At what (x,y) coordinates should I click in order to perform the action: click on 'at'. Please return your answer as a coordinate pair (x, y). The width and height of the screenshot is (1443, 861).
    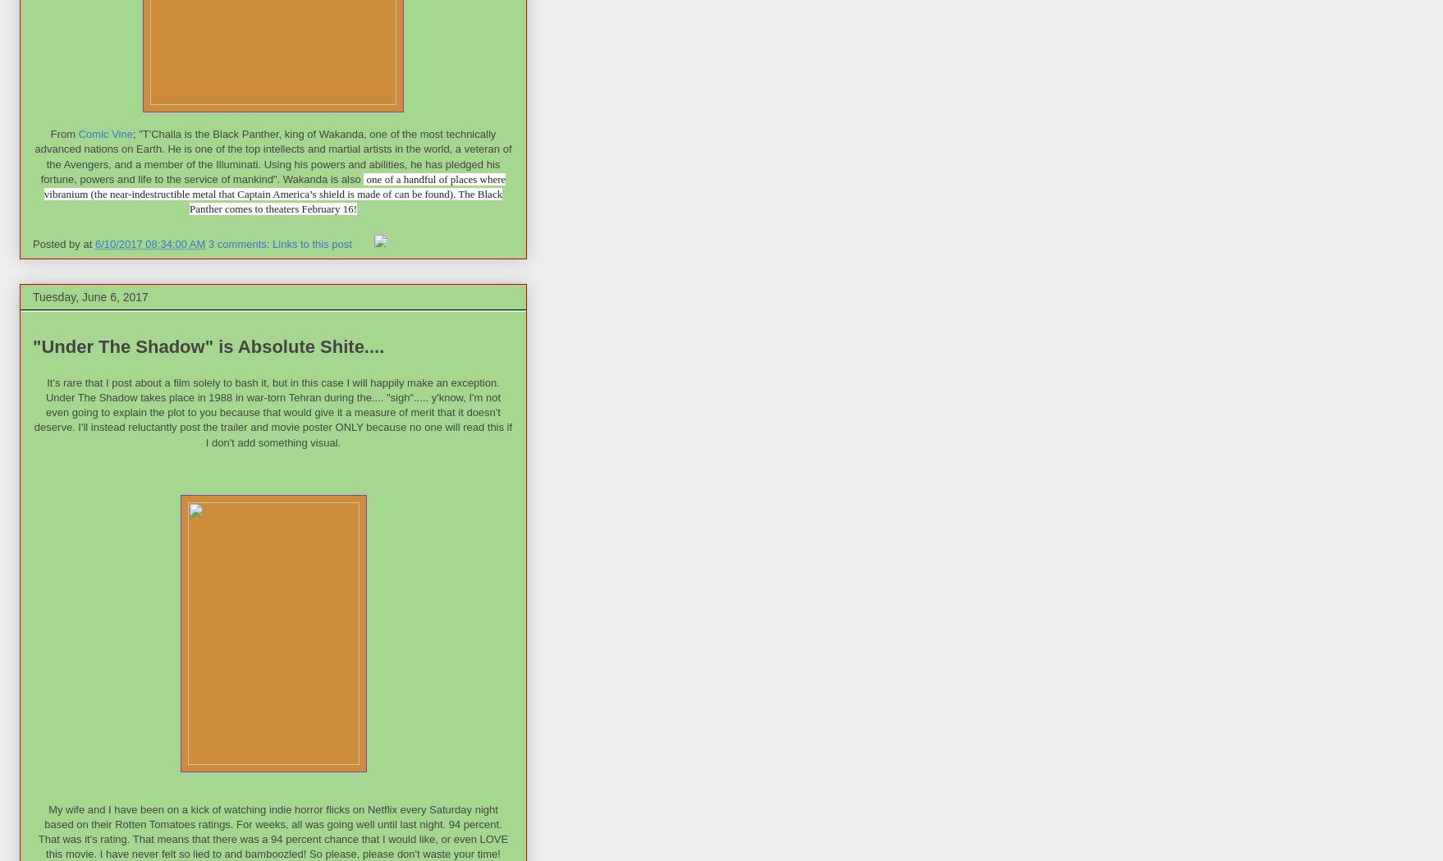
    Looking at the image, I should click on (83, 243).